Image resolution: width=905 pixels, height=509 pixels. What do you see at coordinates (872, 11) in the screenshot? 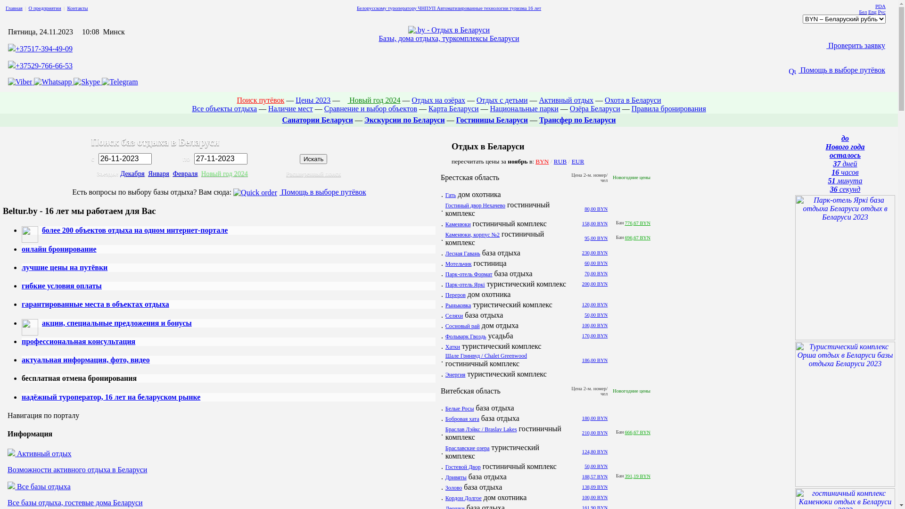
I see `'Eng'` at bounding box center [872, 11].